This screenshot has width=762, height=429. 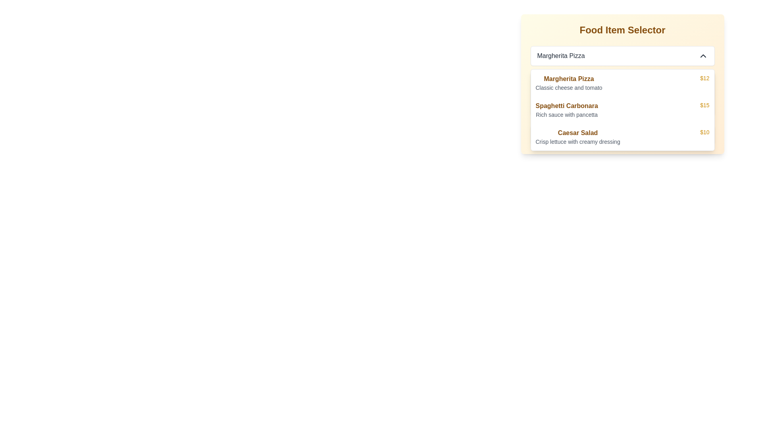 What do you see at coordinates (578, 133) in the screenshot?
I see `the text label displaying 'Caesar Salad', which is styled in bold and yellow-brown color, located above the description of the menu item in the 'Food Item Selector'` at bounding box center [578, 133].